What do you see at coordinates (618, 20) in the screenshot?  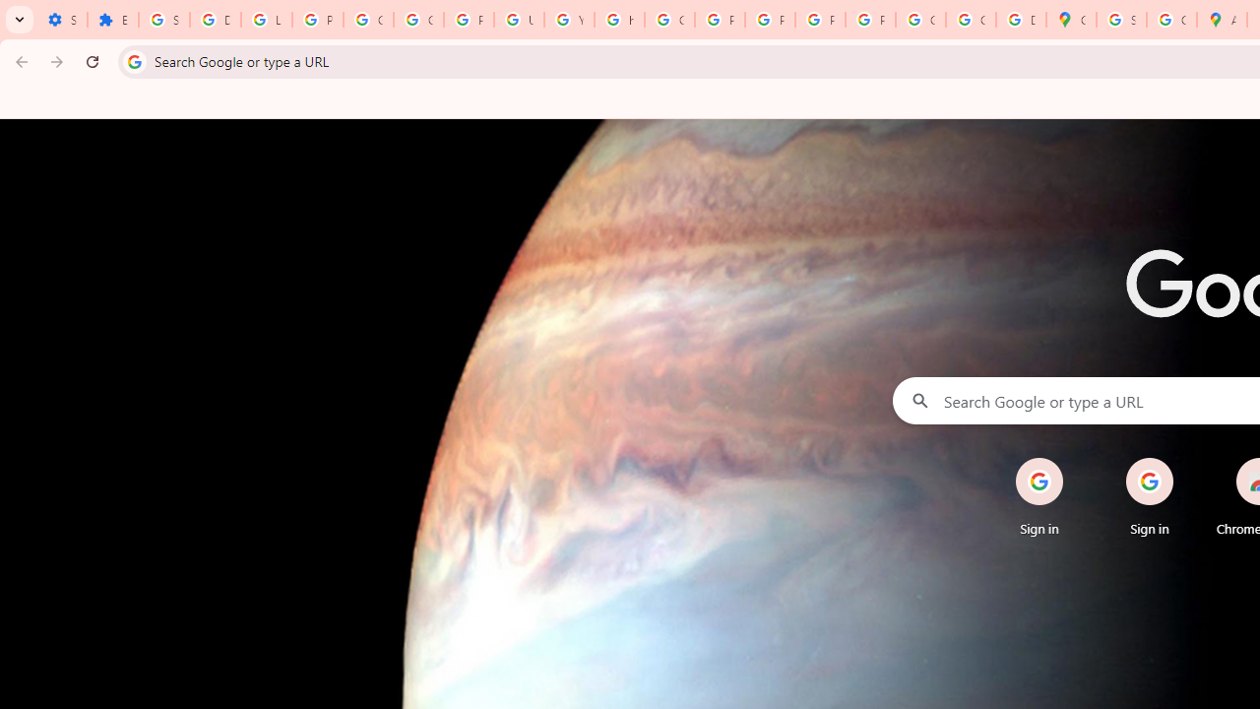 I see `'https://scholar.google.com/'` at bounding box center [618, 20].